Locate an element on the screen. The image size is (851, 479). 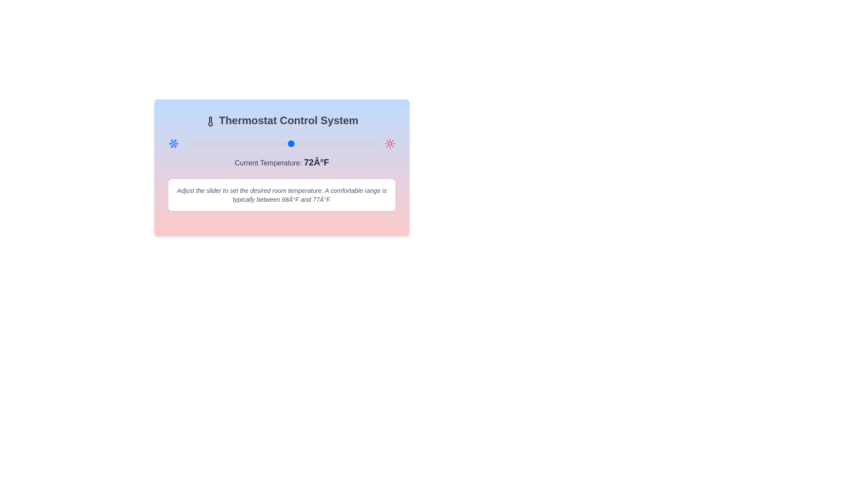
the temperature slider to set the temperature to 64°F is located at coordinates (253, 143).